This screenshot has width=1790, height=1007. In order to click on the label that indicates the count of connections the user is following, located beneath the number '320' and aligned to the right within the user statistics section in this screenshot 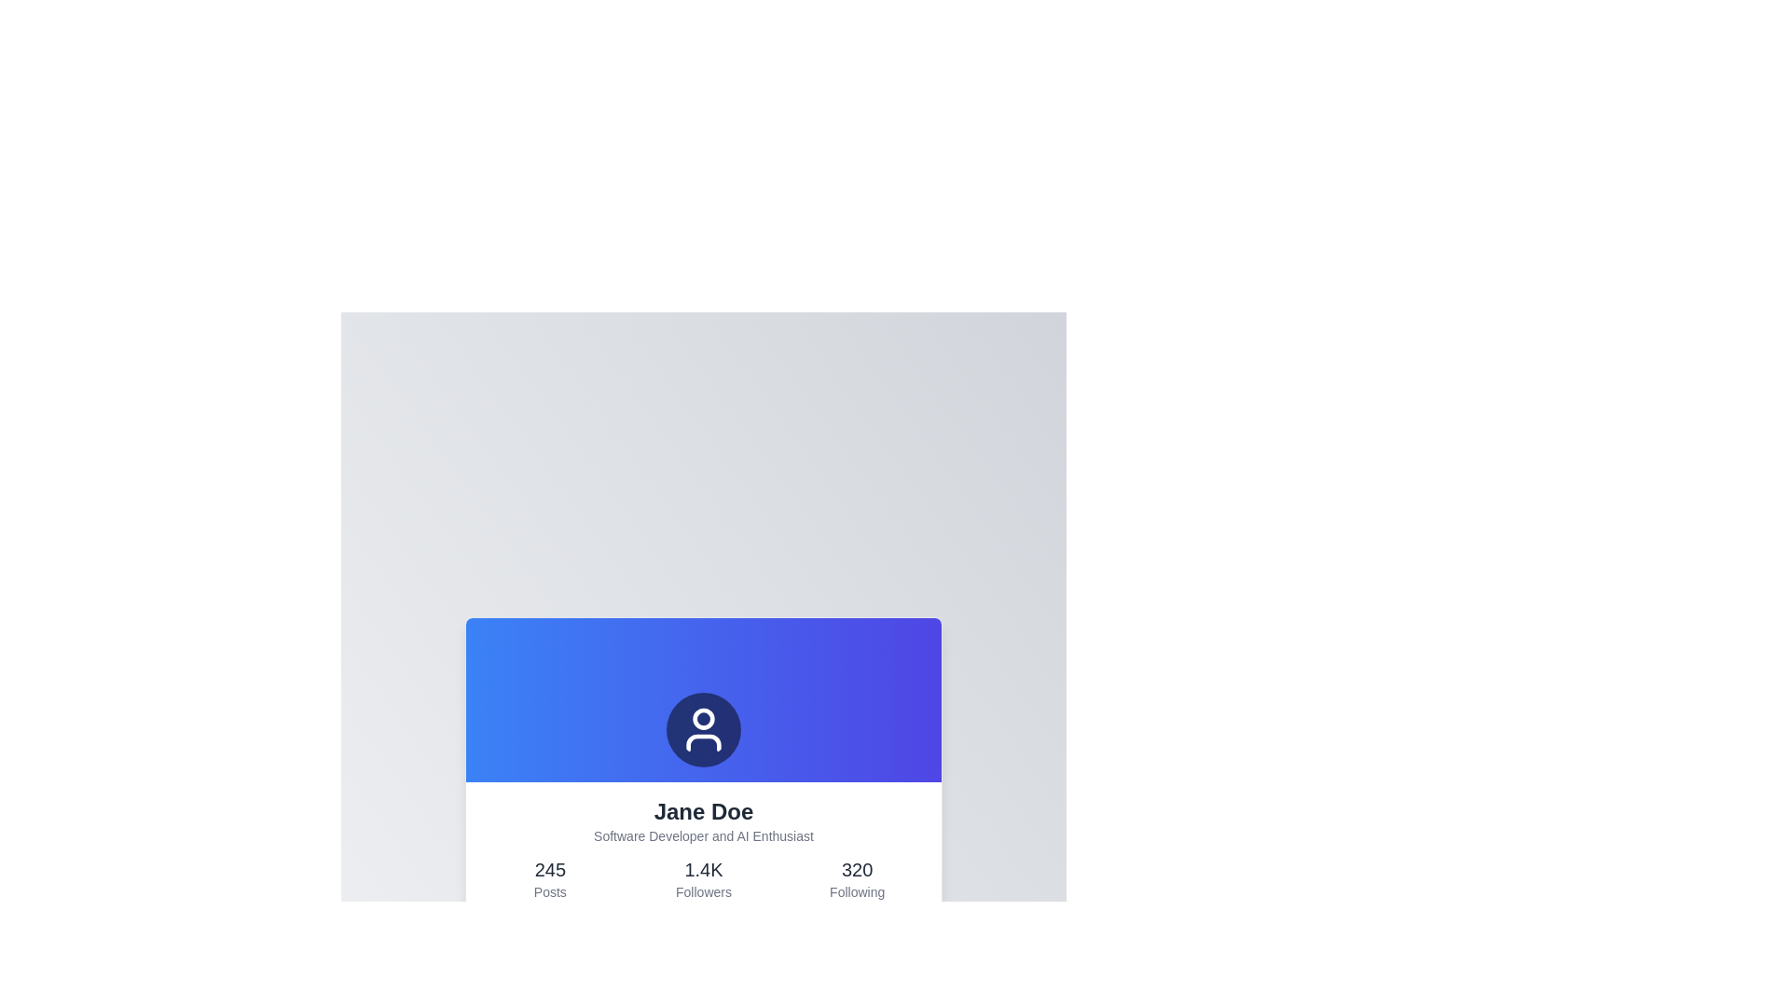, I will do `click(856, 890)`.